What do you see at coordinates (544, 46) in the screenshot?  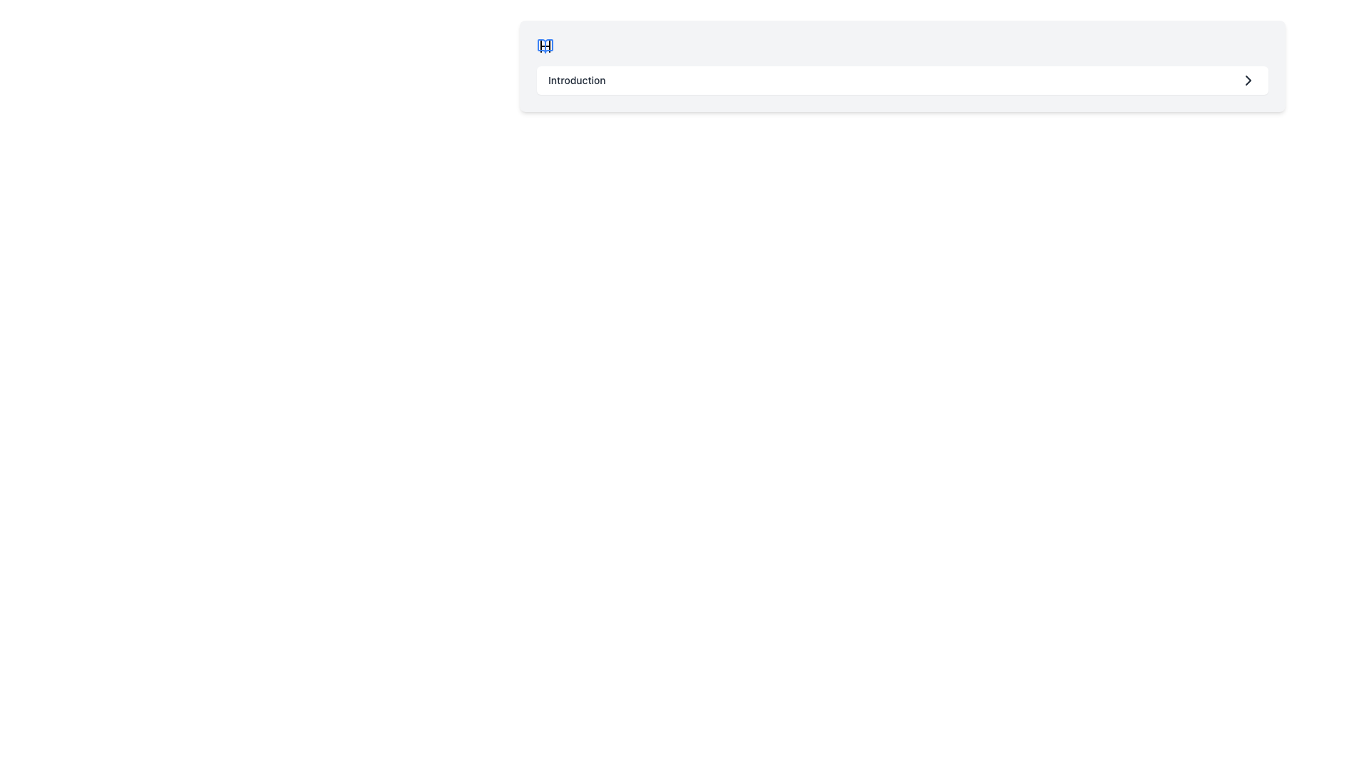 I see `the open-book icon styled in blue located at the top-left corner of the 'Introduction' section, positioned before the heading text` at bounding box center [544, 46].